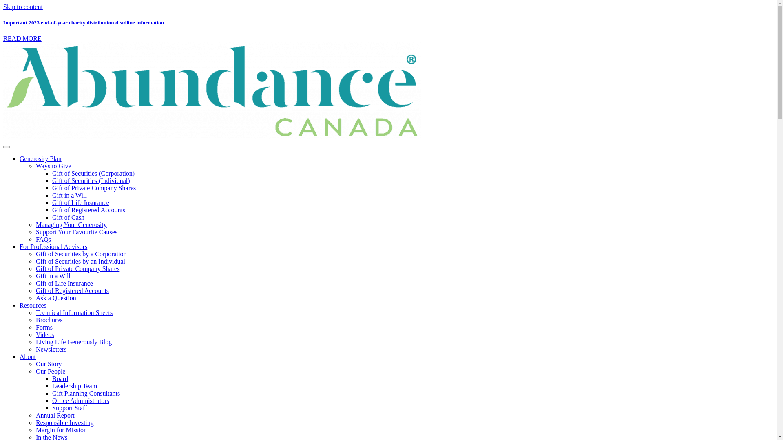 Image resolution: width=783 pixels, height=440 pixels. Describe the element at coordinates (40, 158) in the screenshot. I see `'Generosity Plan'` at that location.